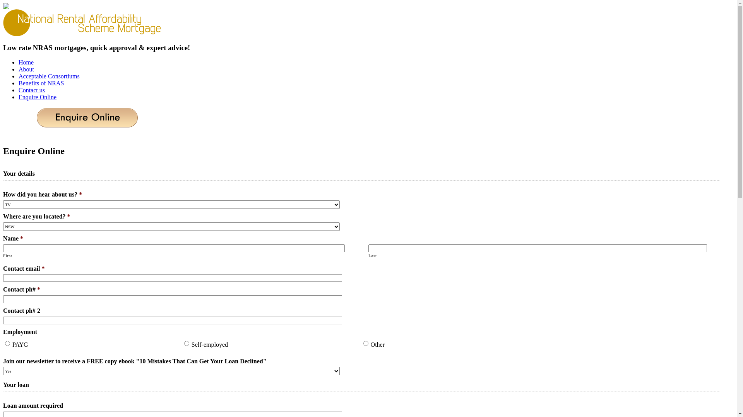 Image resolution: width=743 pixels, height=417 pixels. Describe the element at coordinates (48, 76) in the screenshot. I see `'Acceptable Consortiums'` at that location.